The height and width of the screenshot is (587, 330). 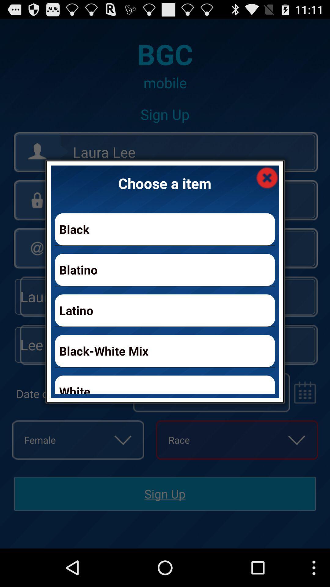 What do you see at coordinates (165, 351) in the screenshot?
I see `item below the latino app` at bounding box center [165, 351].